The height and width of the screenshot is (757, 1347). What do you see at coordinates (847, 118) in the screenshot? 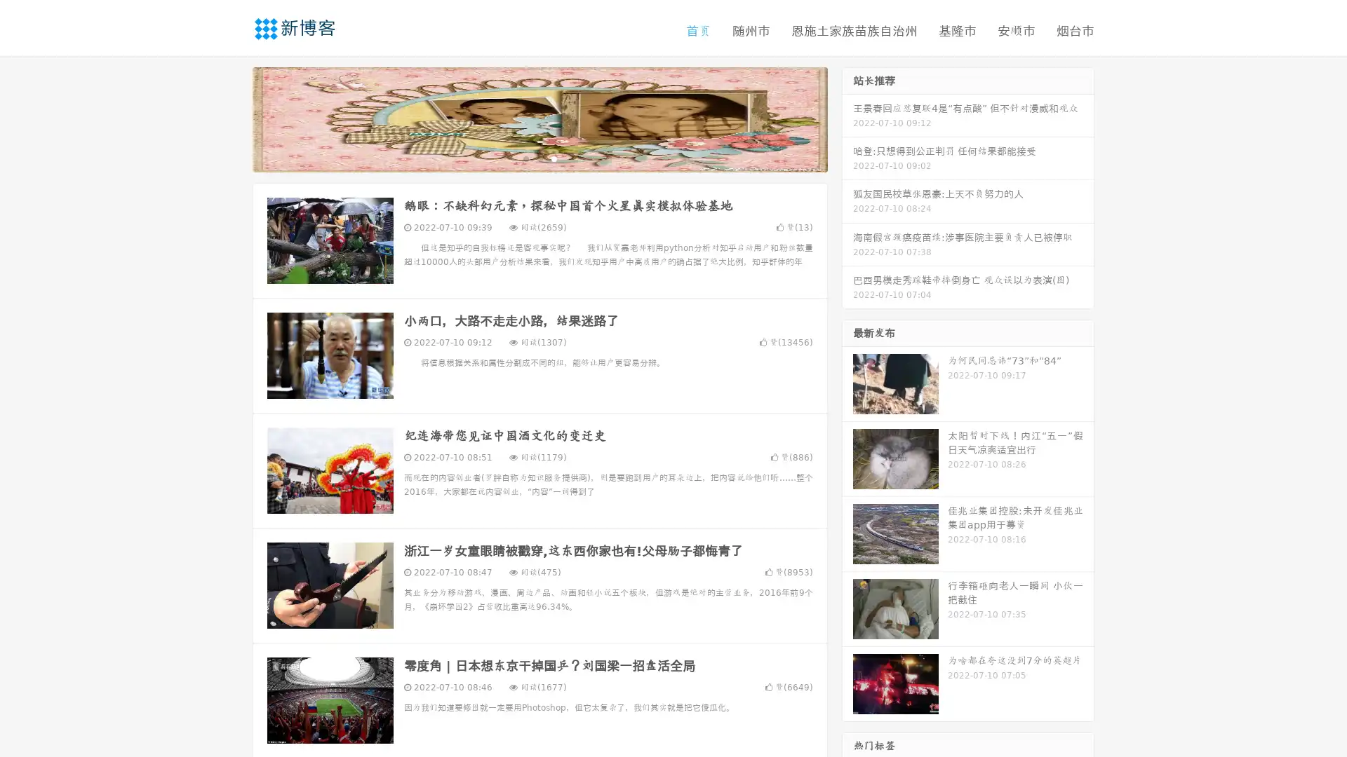
I see `Next slide` at bounding box center [847, 118].